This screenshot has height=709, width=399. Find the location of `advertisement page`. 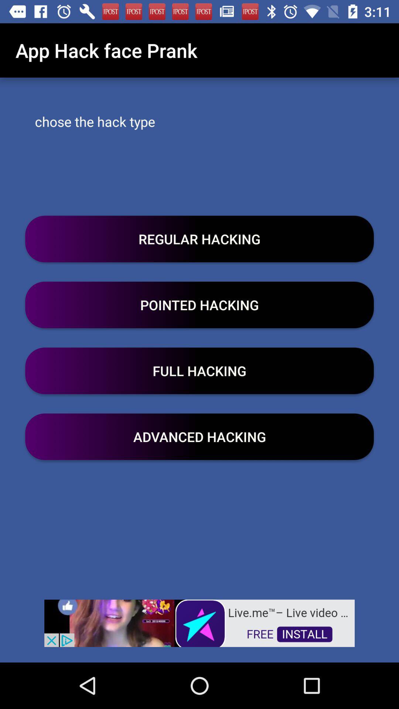

advertisement page is located at coordinates (199, 622).